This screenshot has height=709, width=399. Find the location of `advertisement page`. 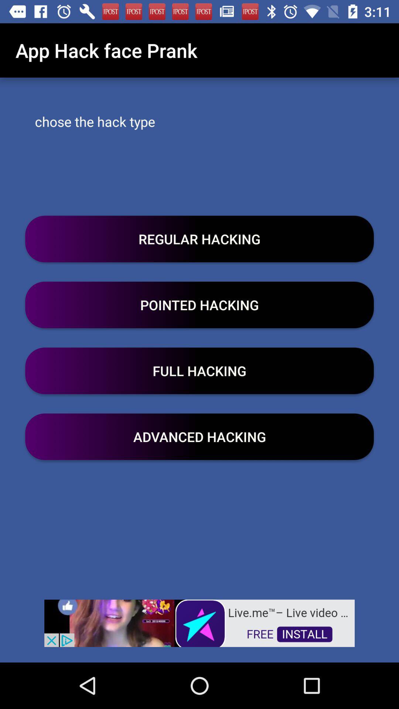

advertisement page is located at coordinates (199, 622).